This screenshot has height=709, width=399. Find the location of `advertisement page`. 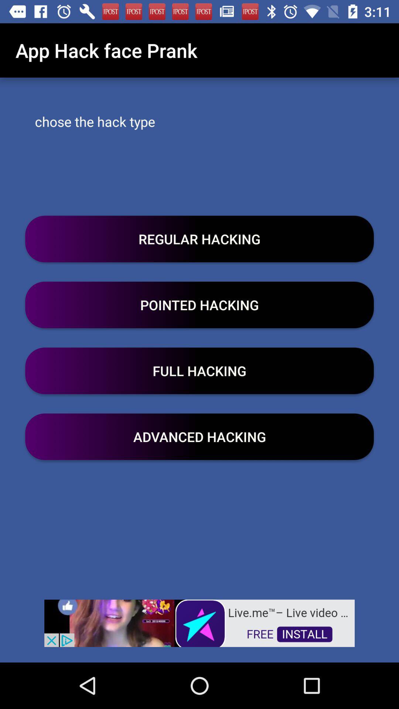

advertisement page is located at coordinates (199, 622).